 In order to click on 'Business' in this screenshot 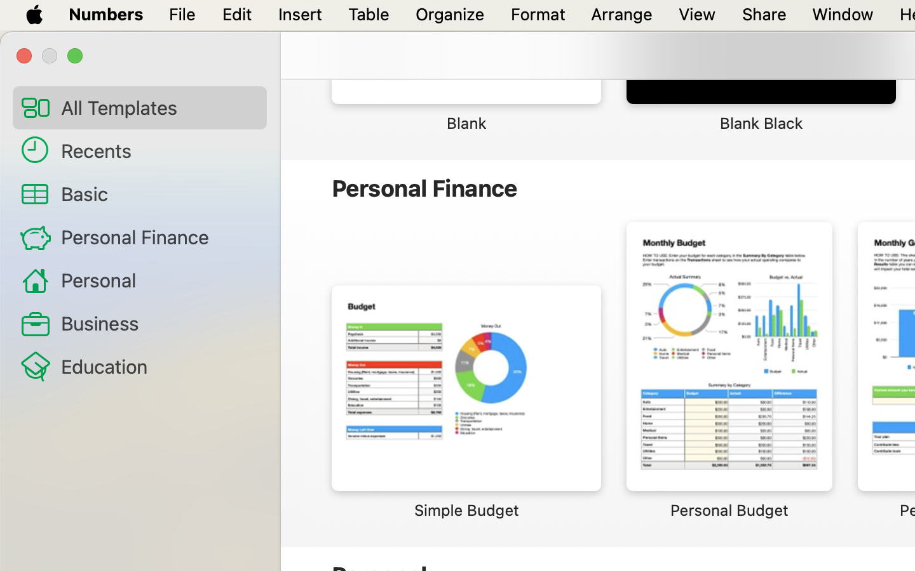, I will do `click(158, 322)`.